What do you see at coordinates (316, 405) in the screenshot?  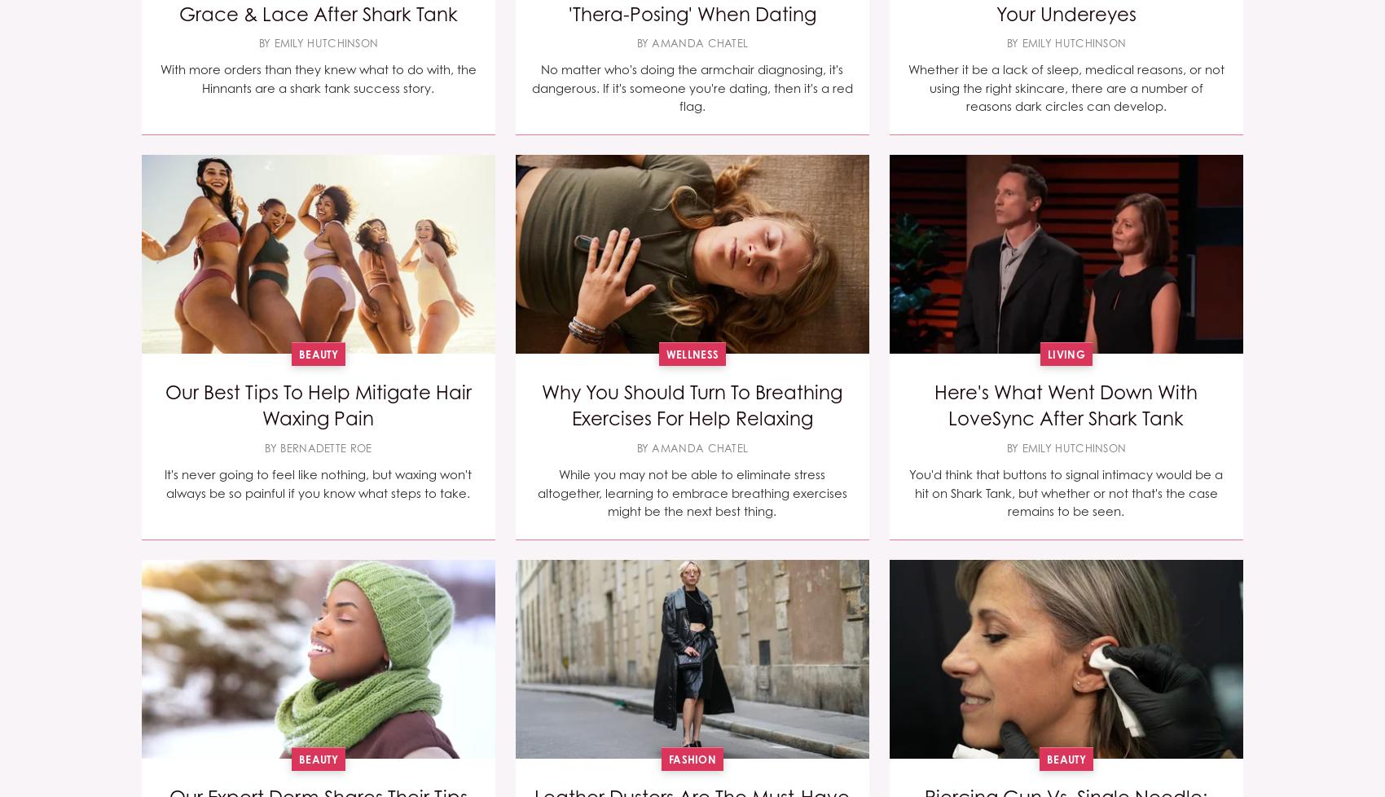 I see `'Our Best Tips To Help Mitigate Hair Waxing Pain'` at bounding box center [316, 405].